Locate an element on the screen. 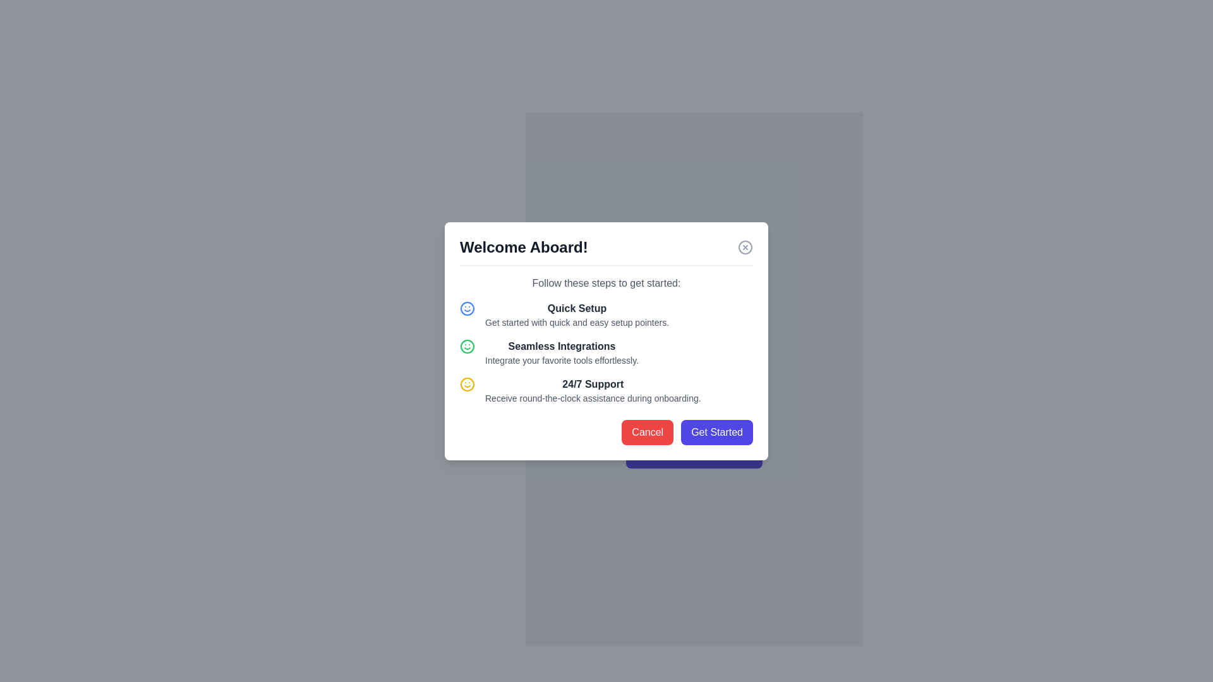 This screenshot has width=1213, height=682. the third informational list item regarding '24/7 Support' feature in the modal dialog box is located at coordinates (606, 390).